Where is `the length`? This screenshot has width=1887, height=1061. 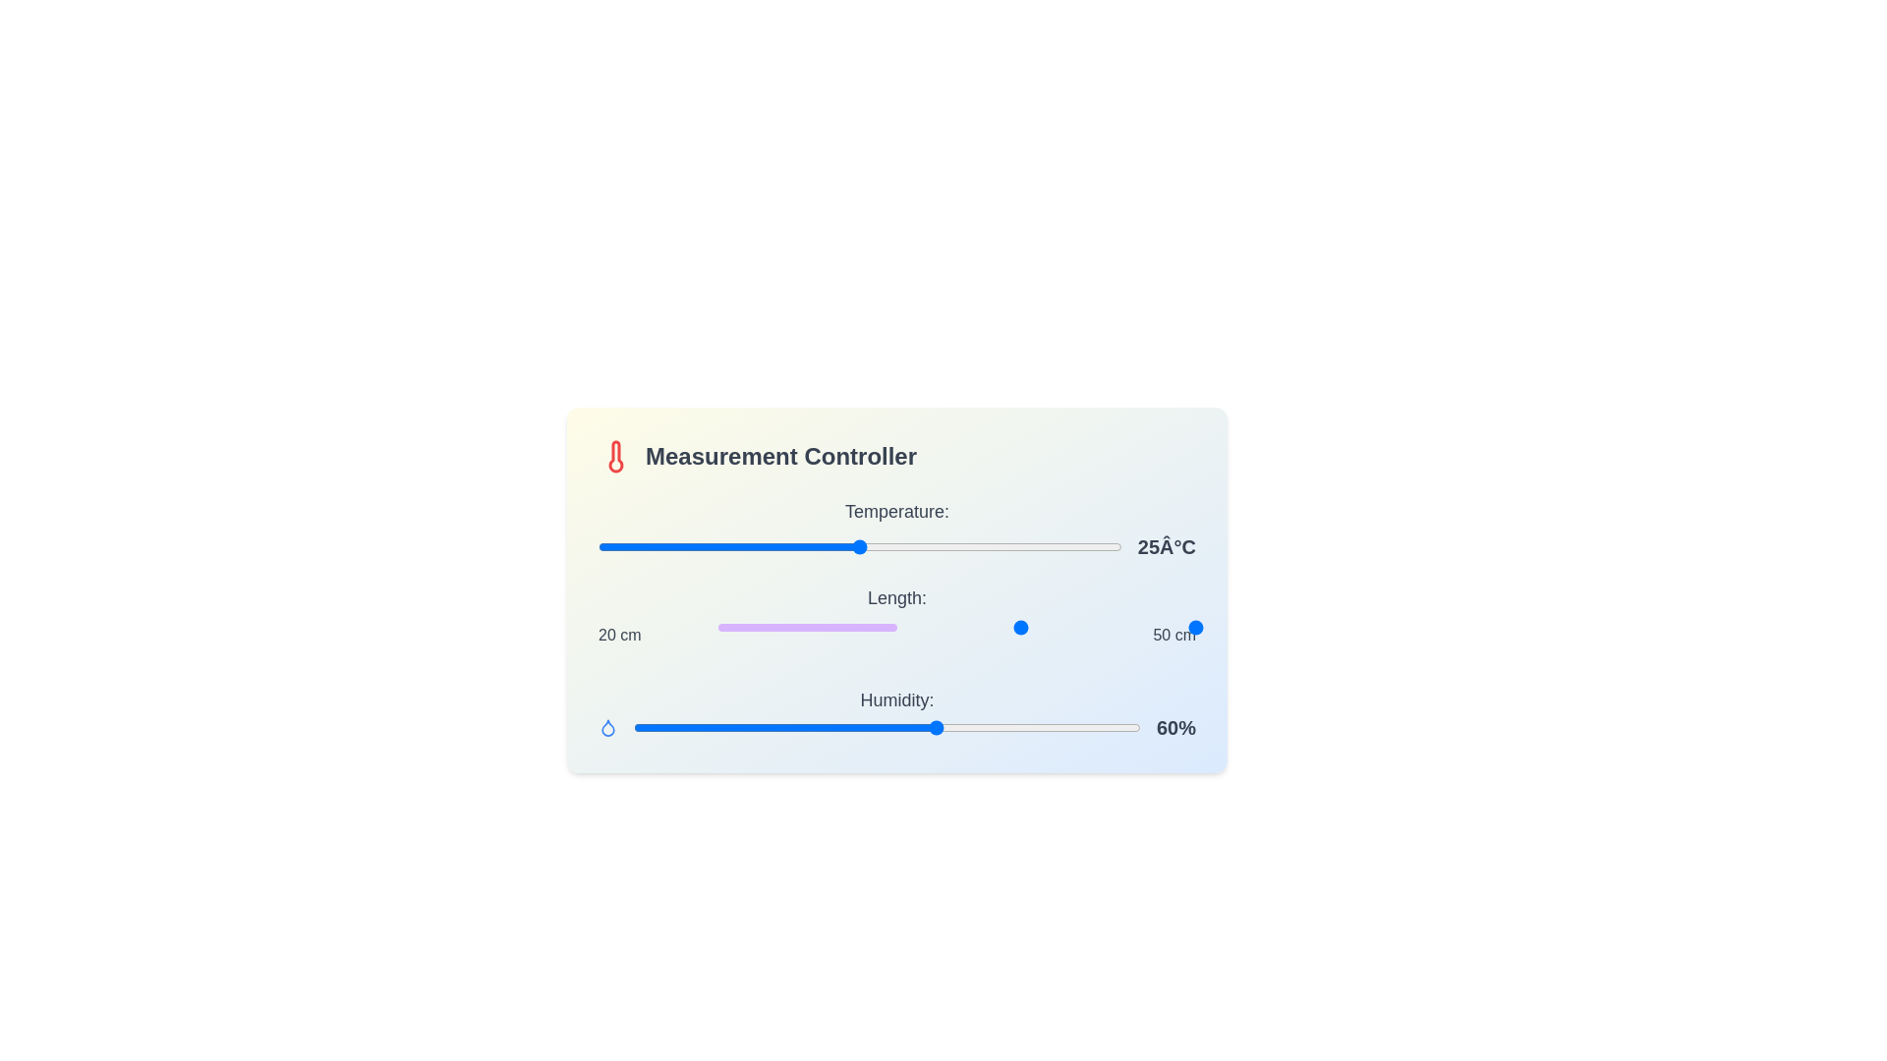
the length is located at coordinates (1056, 628).